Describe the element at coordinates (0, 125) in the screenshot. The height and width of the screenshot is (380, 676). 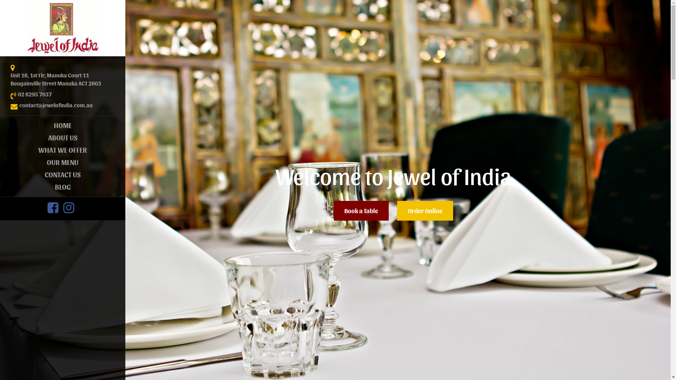
I see `'HOME'` at that location.